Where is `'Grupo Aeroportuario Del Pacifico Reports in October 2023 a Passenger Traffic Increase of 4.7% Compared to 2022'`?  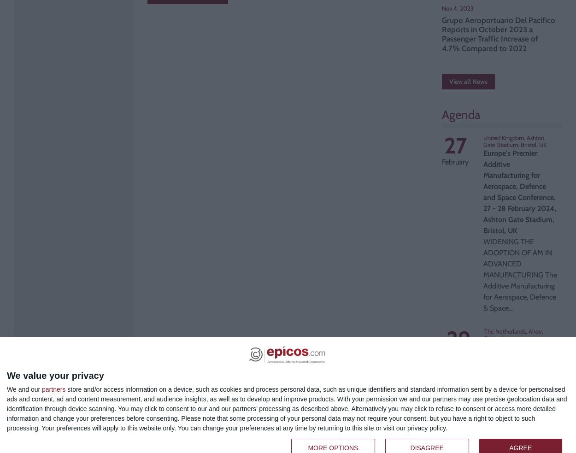 'Grupo Aeroportuario Del Pacifico Reports in October 2023 a Passenger Traffic Increase of 4.7% Compared to 2022' is located at coordinates (498, 33).